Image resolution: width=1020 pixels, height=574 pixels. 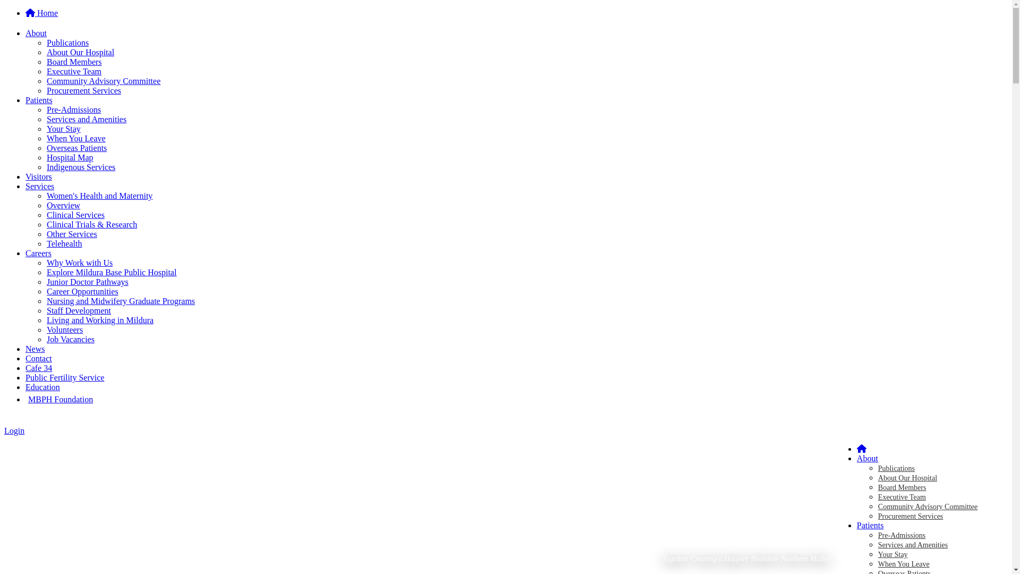 I want to click on 'Contact', so click(x=38, y=358).